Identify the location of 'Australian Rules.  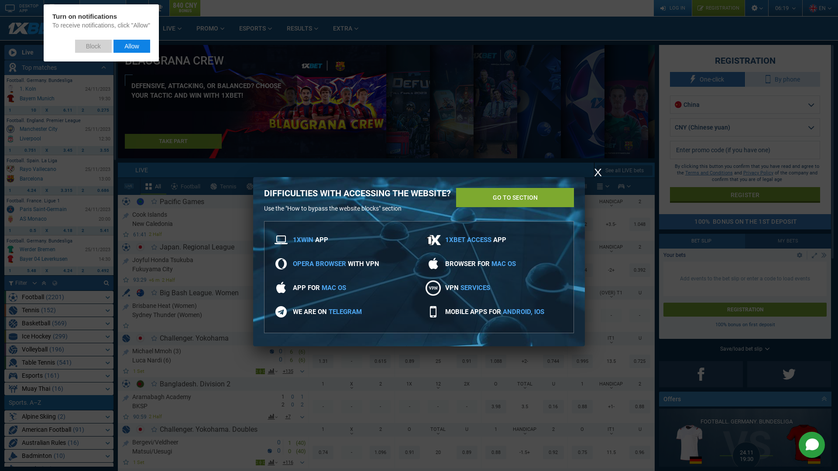
(58, 443).